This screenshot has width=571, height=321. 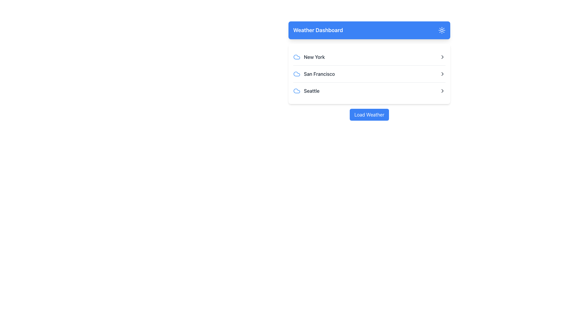 What do you see at coordinates (319, 74) in the screenshot?
I see `the text label displaying 'San Francisco' to highlight it` at bounding box center [319, 74].